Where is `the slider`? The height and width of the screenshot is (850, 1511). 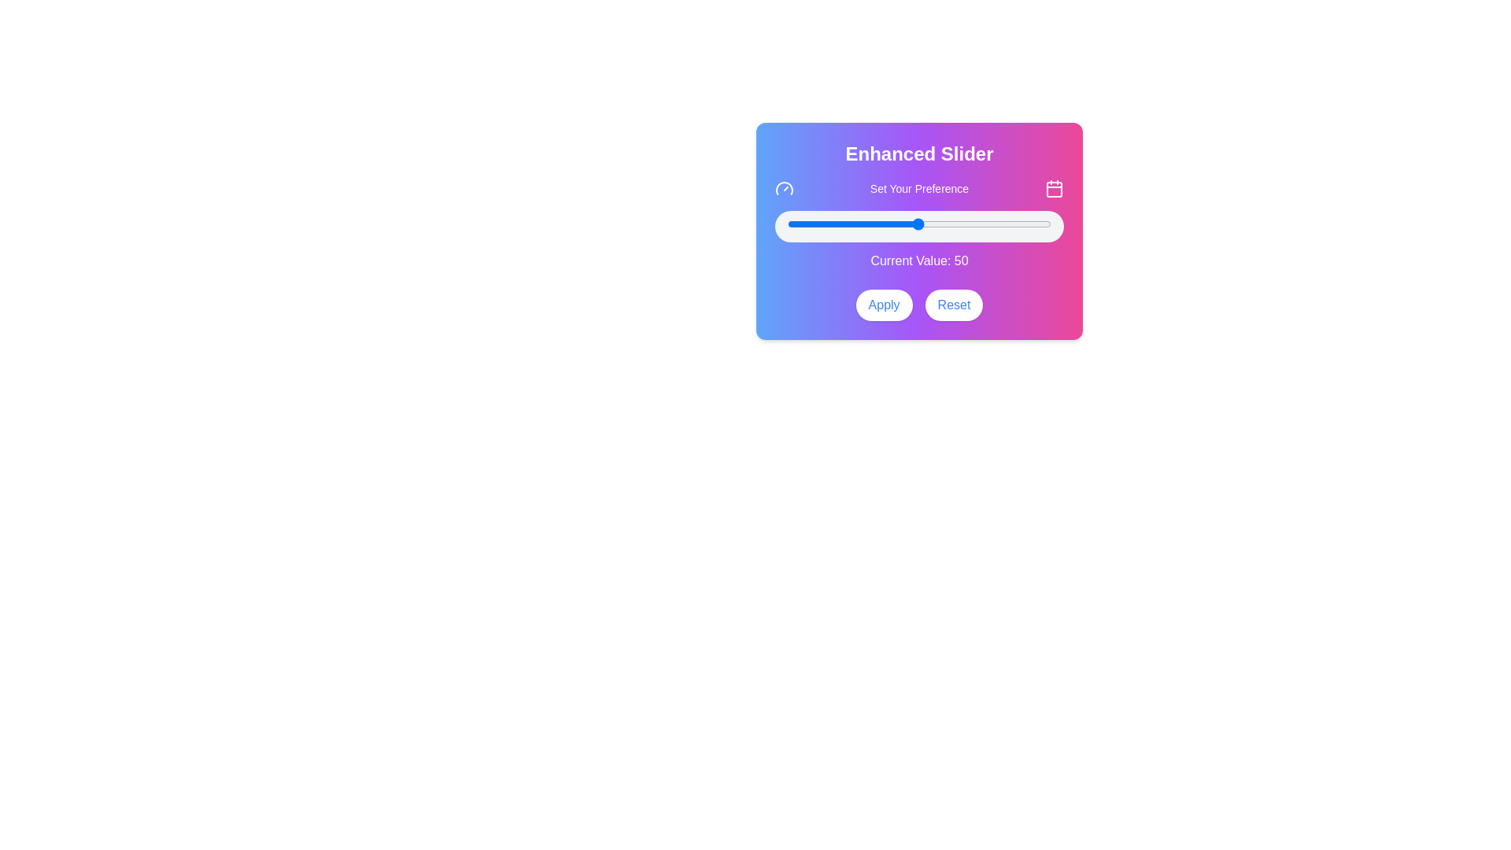 the slider is located at coordinates (1005, 224).